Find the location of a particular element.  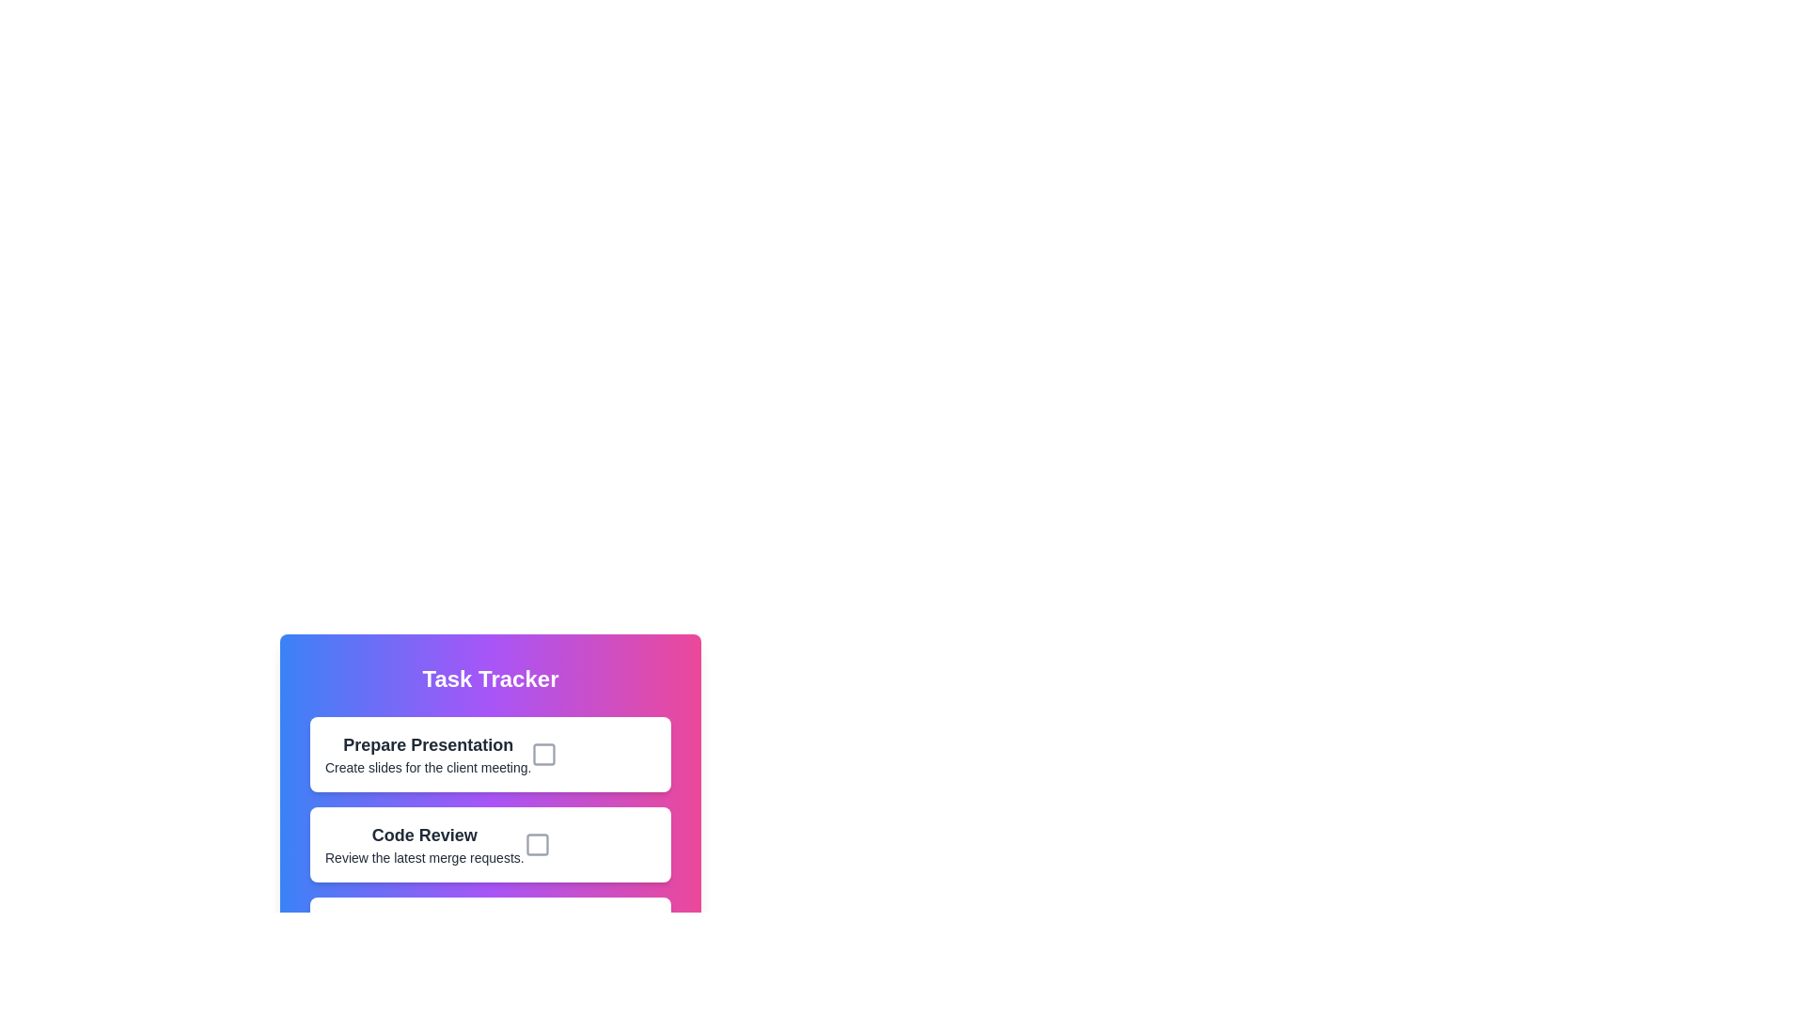

the first task item block in the task list application, which contains a title and description text, located above the 'Code Review' task is located at coordinates (427, 753).